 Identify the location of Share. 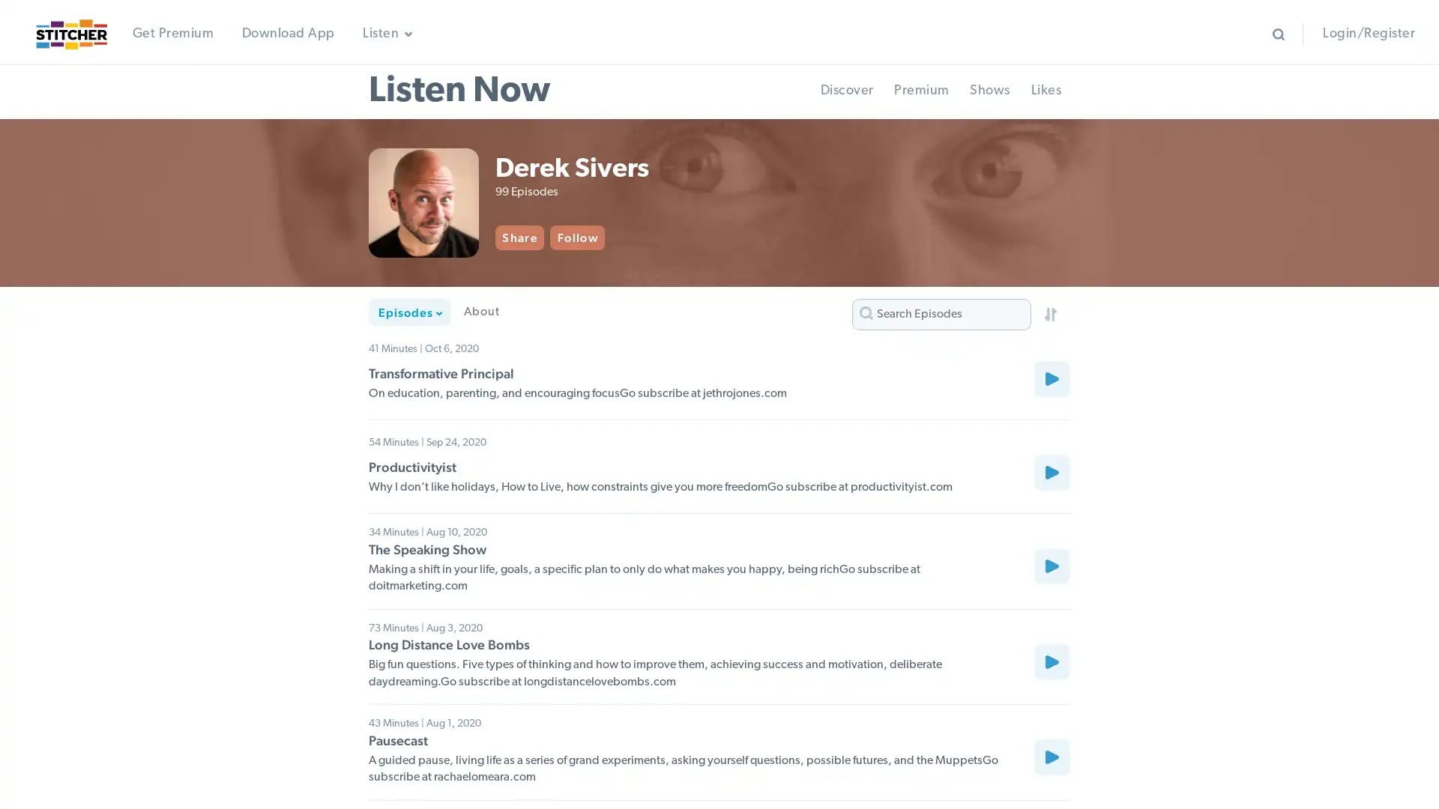
(540, 236).